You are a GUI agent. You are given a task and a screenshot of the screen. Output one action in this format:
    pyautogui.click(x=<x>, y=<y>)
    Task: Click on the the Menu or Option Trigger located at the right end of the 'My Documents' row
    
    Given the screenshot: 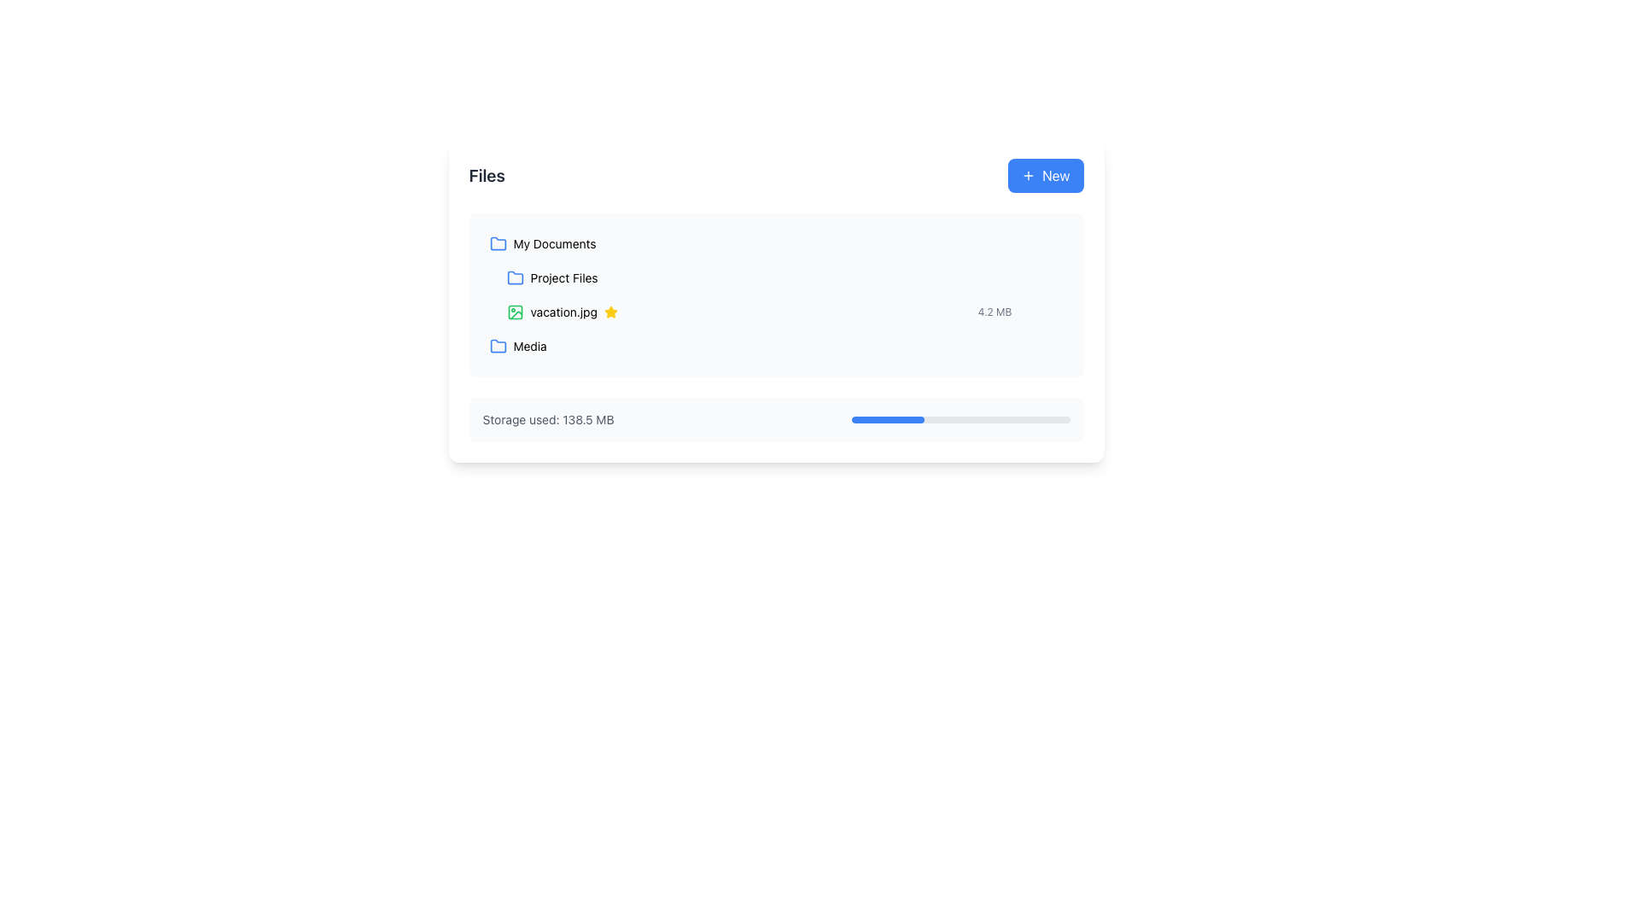 What is the action you would take?
    pyautogui.click(x=1040, y=243)
    